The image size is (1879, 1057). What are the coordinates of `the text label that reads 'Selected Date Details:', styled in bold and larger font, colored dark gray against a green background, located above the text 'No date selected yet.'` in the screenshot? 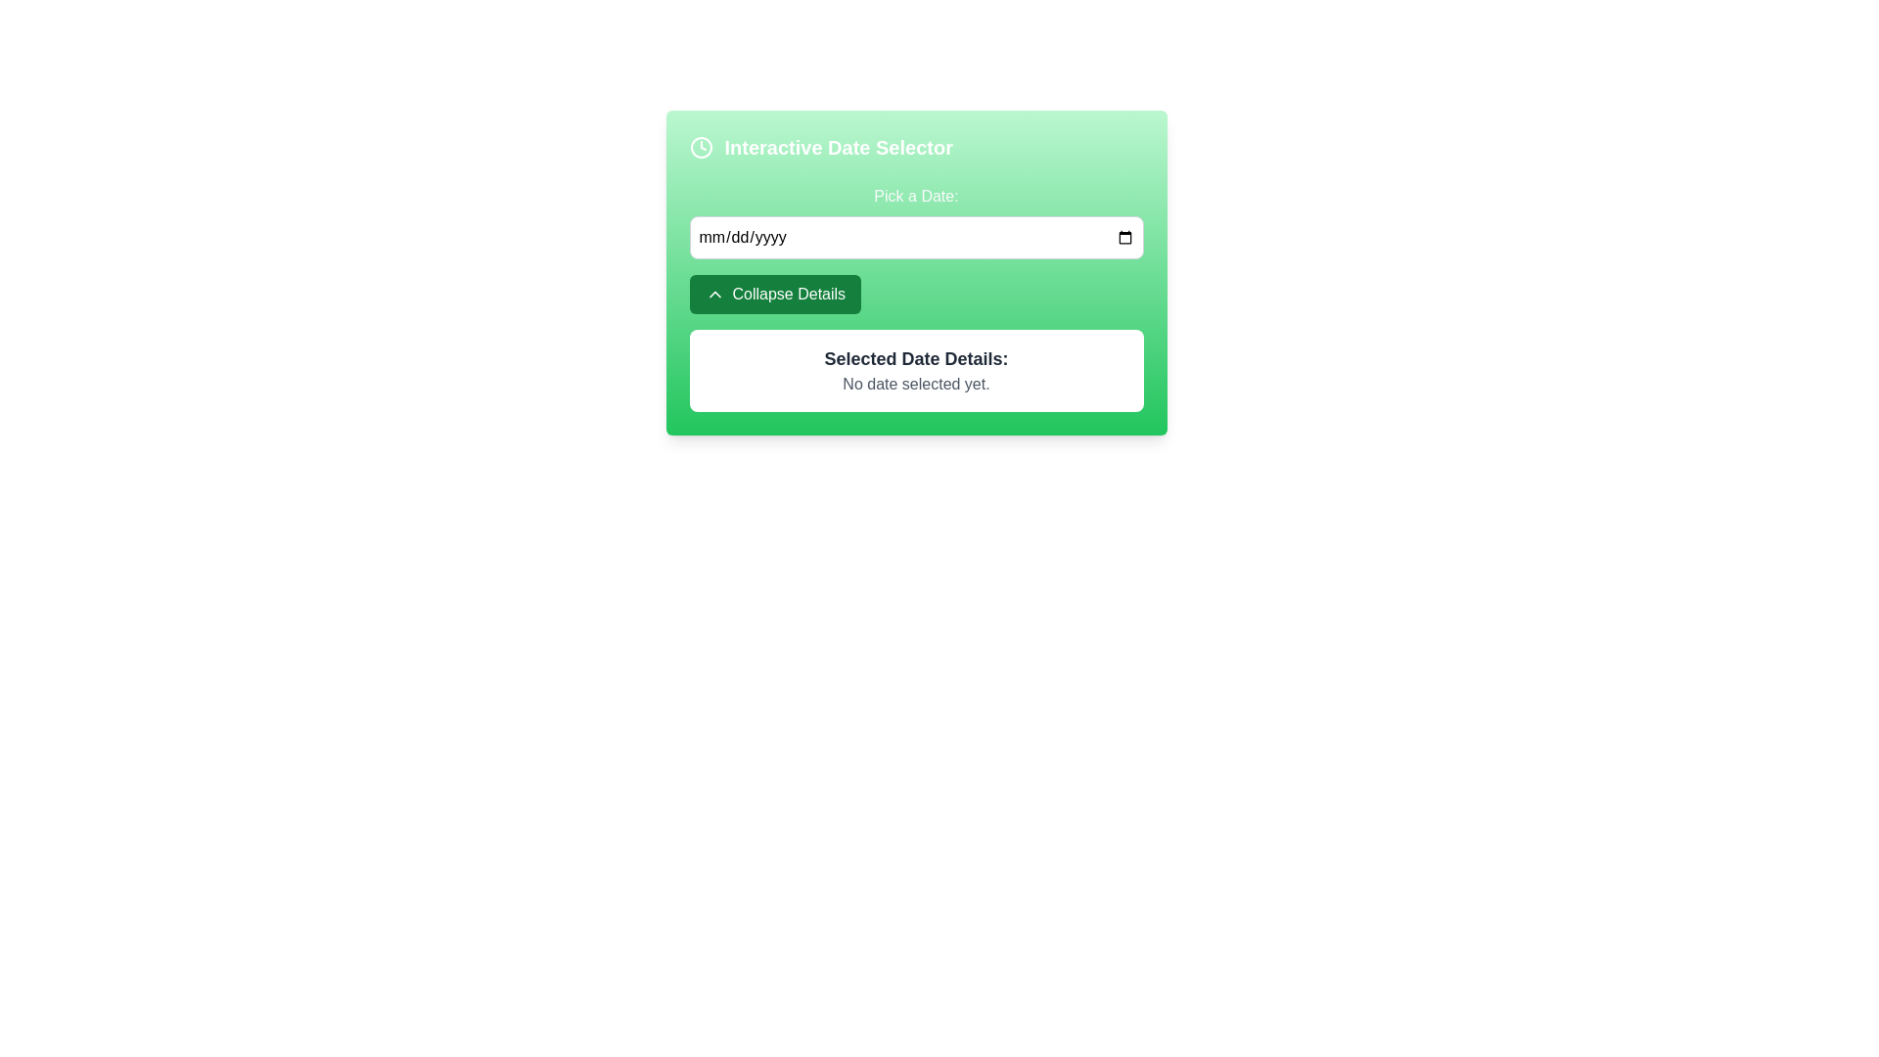 It's located at (915, 358).